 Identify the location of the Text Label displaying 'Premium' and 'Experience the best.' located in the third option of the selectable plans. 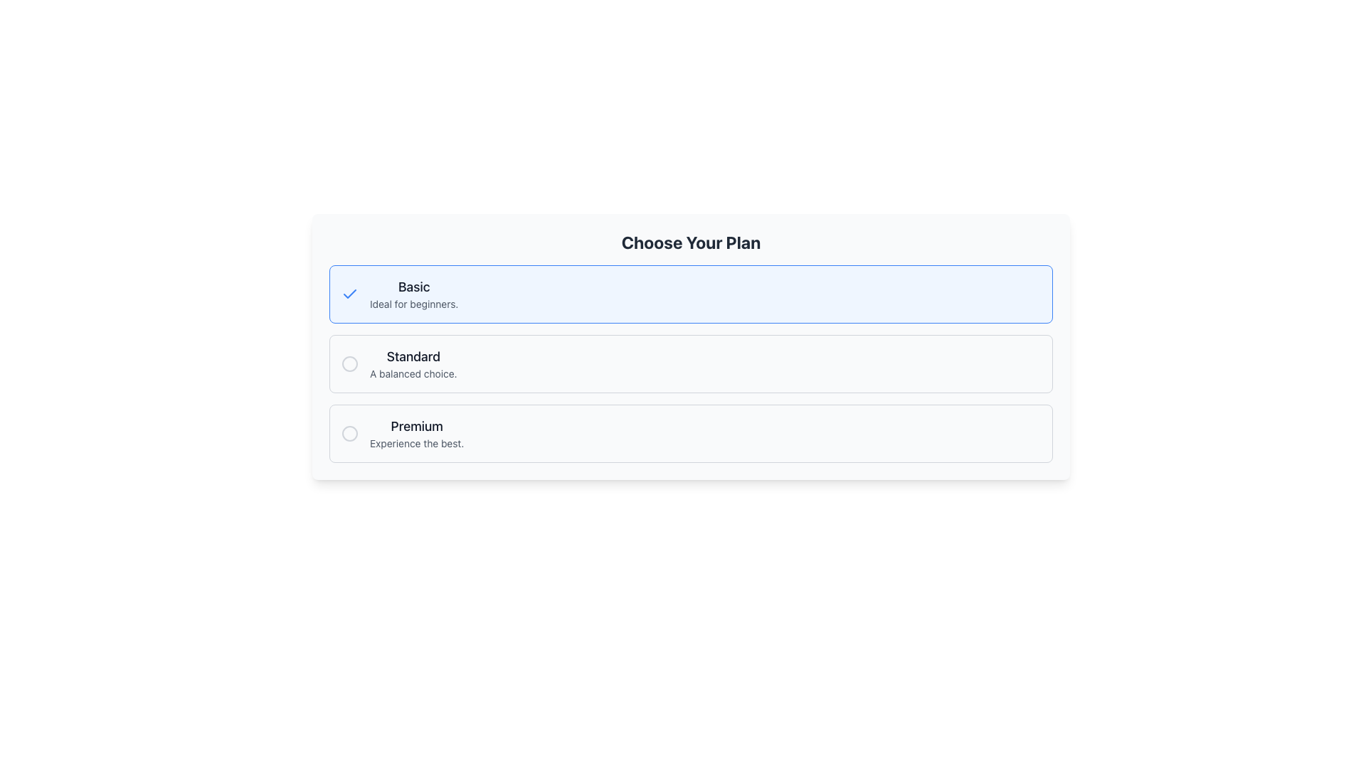
(416, 432).